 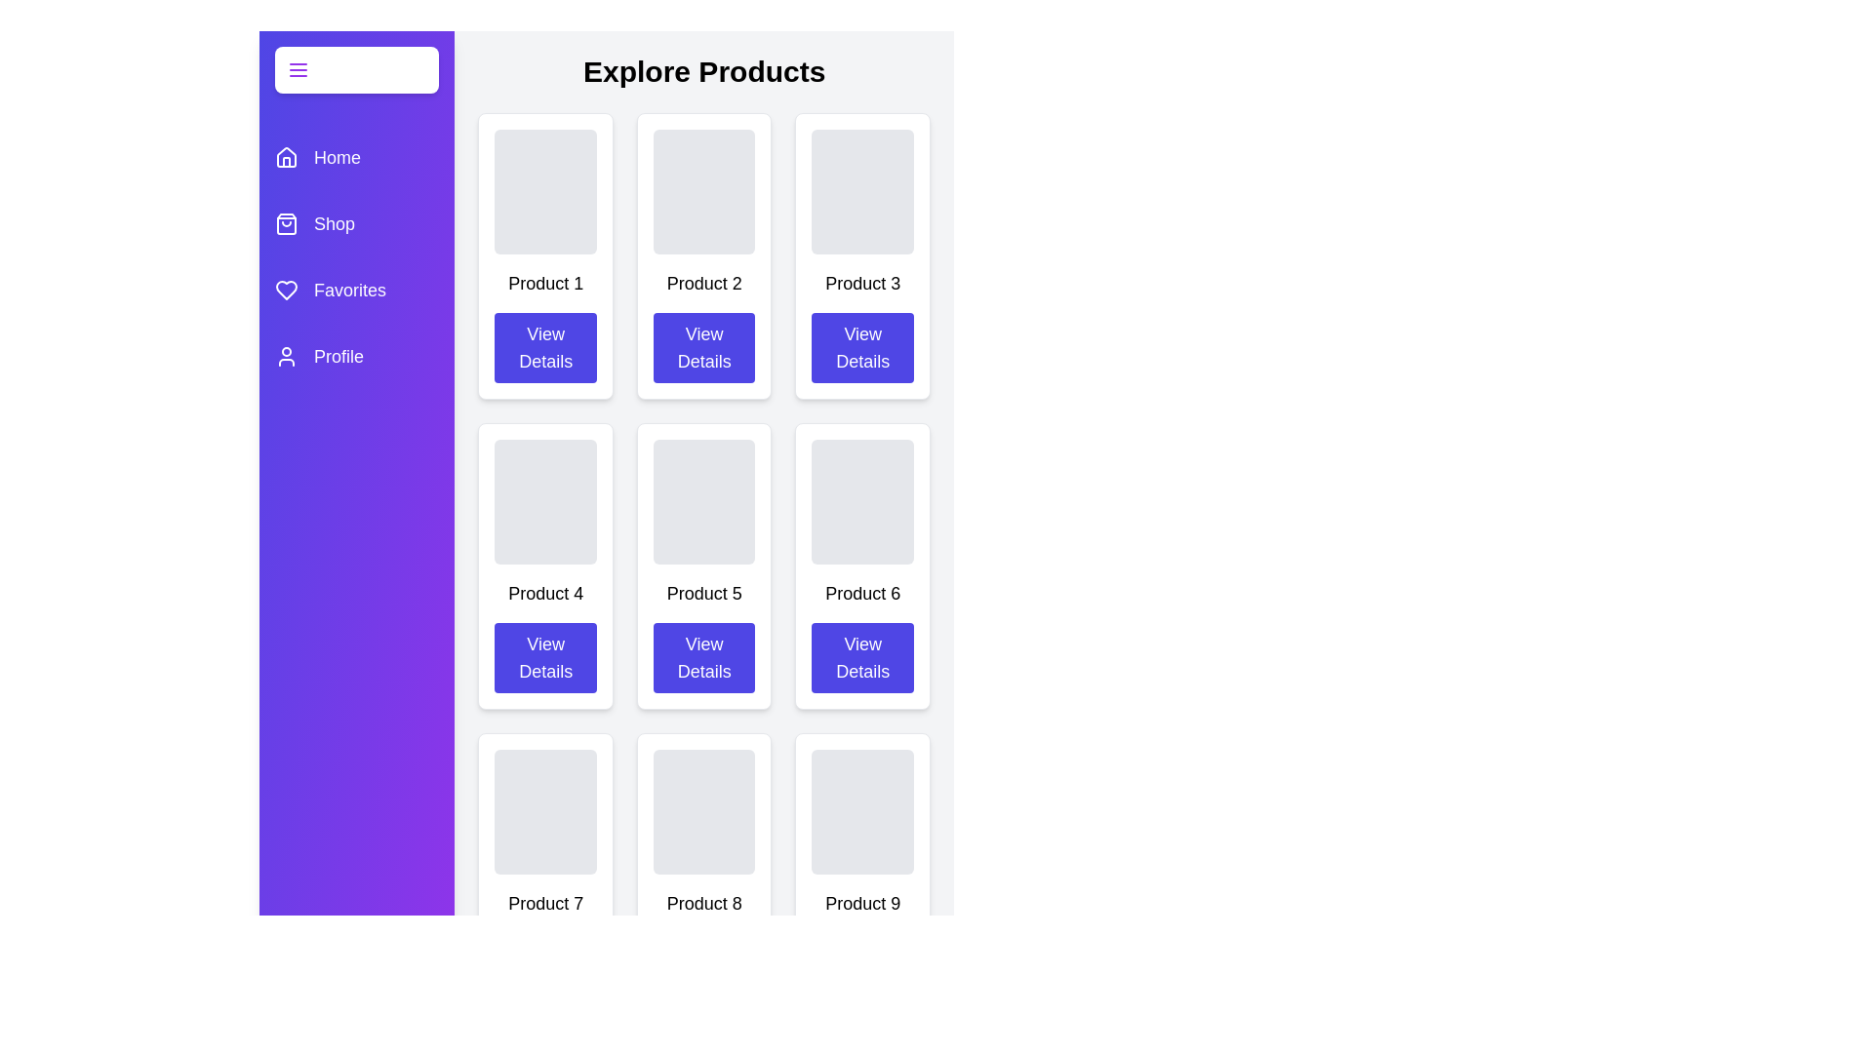 I want to click on the Favorites category in the drawer, so click(x=356, y=290).